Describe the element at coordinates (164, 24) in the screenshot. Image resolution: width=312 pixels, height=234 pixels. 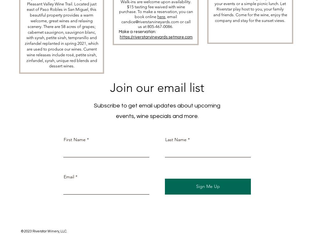
I see `'or call us at 805-467-0086.'` at that location.